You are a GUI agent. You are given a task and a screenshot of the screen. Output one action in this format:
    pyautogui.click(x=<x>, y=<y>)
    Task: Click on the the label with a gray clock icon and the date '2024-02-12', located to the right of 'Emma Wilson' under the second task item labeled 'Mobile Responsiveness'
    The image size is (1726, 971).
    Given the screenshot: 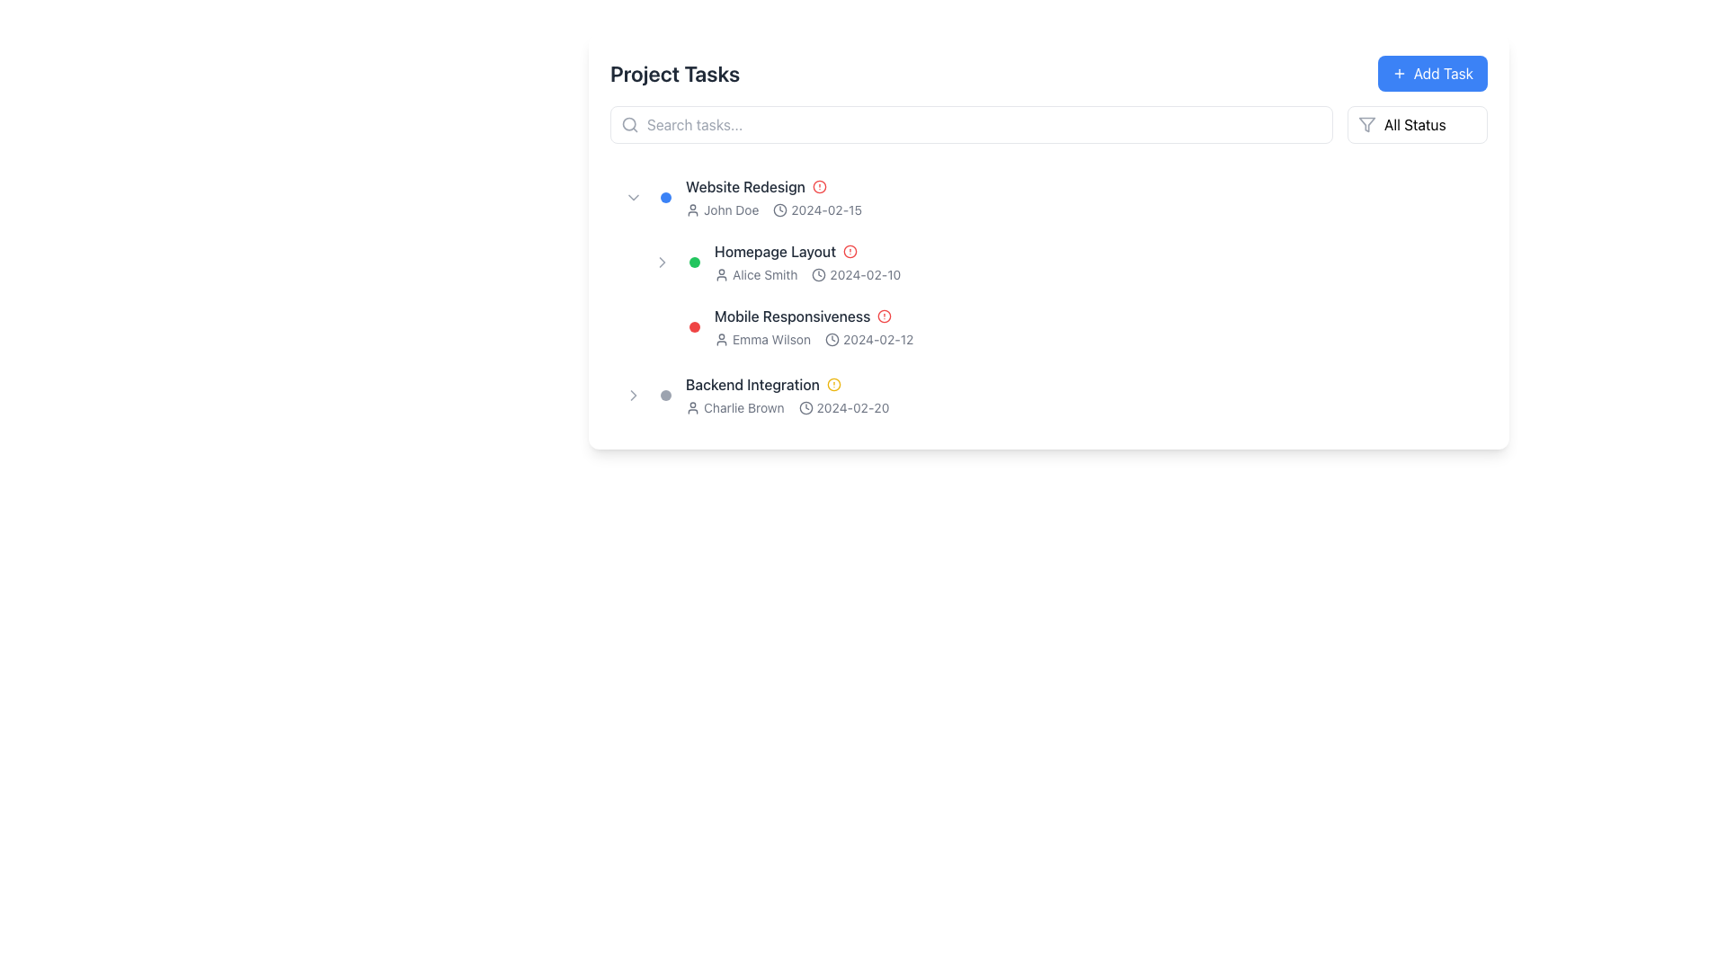 What is the action you would take?
    pyautogui.click(x=869, y=340)
    